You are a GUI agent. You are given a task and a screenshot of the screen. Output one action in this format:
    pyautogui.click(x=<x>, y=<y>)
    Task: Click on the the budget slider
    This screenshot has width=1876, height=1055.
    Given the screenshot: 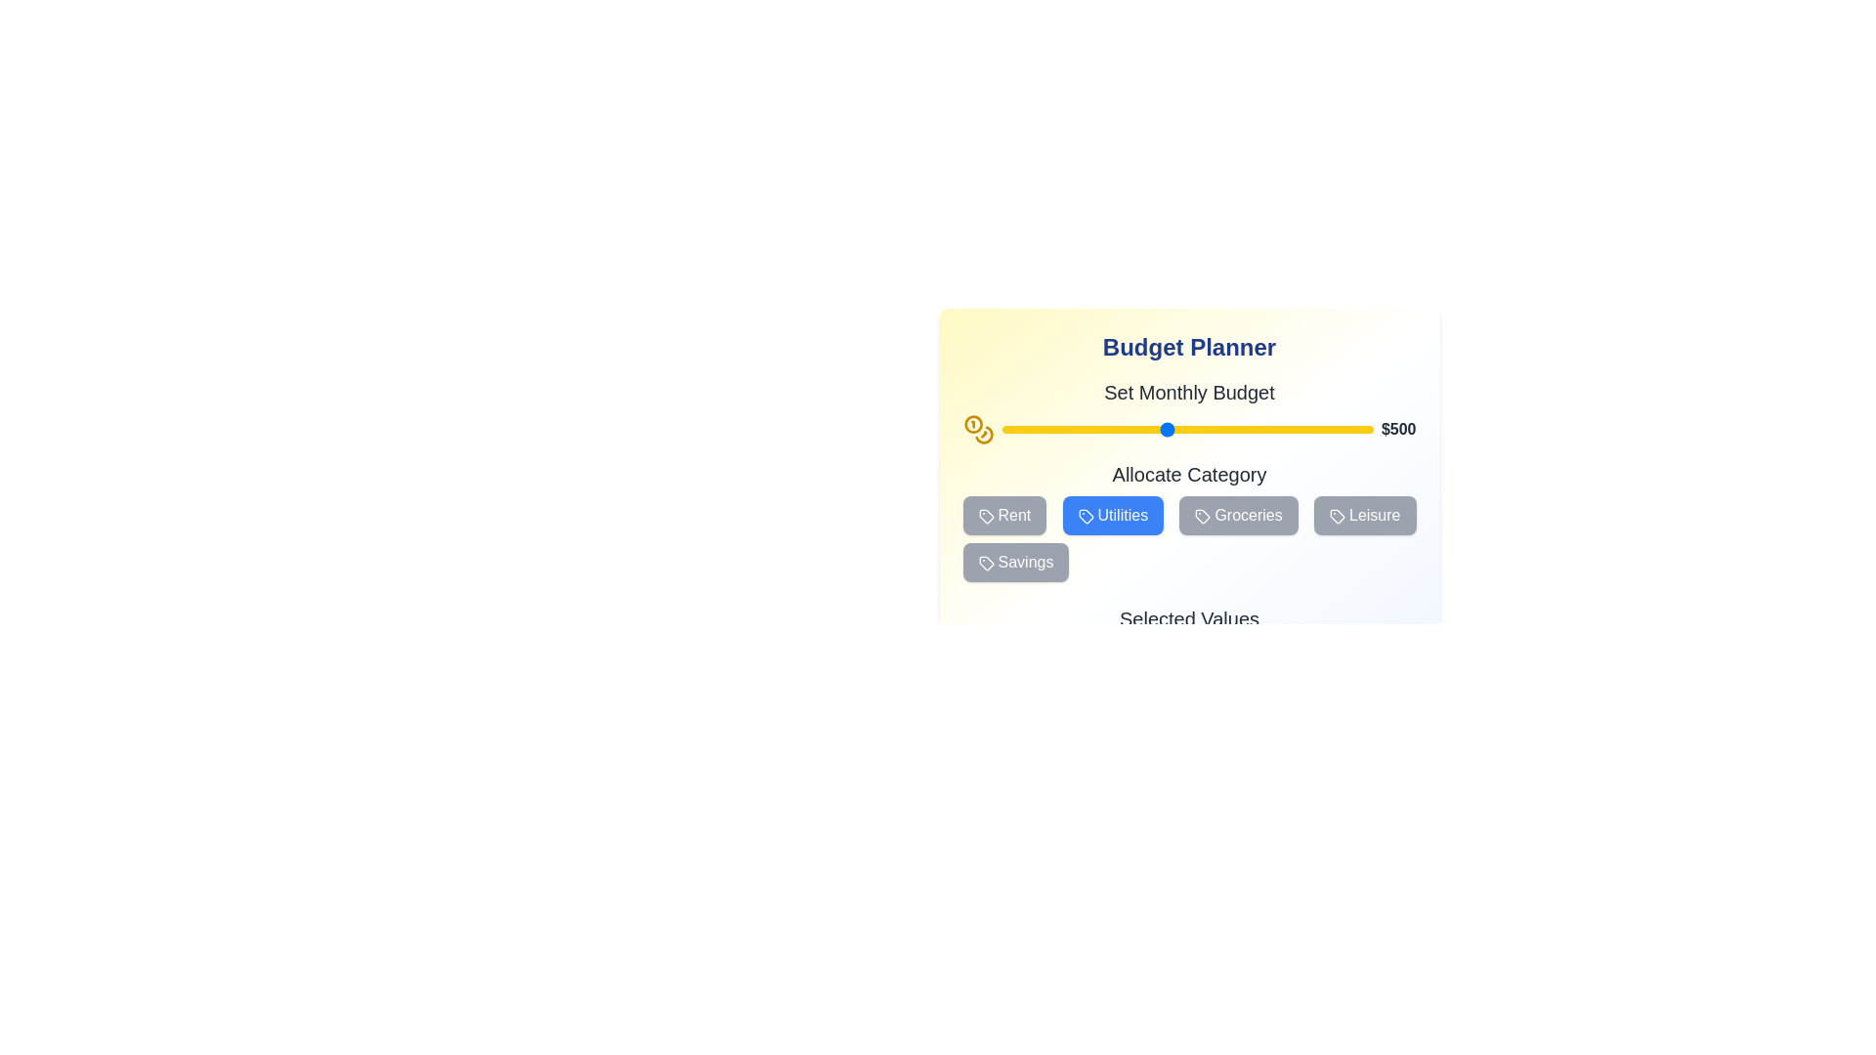 What is the action you would take?
    pyautogui.click(x=1344, y=428)
    